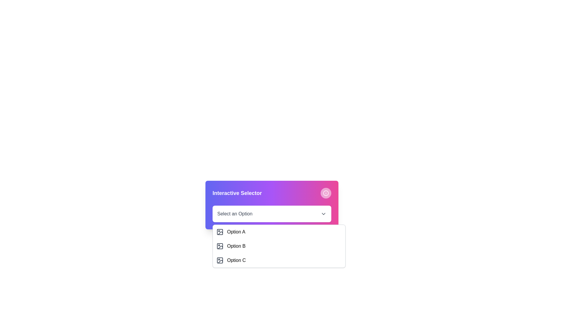 Image resolution: width=570 pixels, height=320 pixels. Describe the element at coordinates (326, 193) in the screenshot. I see `the central circular element of the red 'info' icon located at the top-right corner of the interactive panel with a gradient background` at that location.